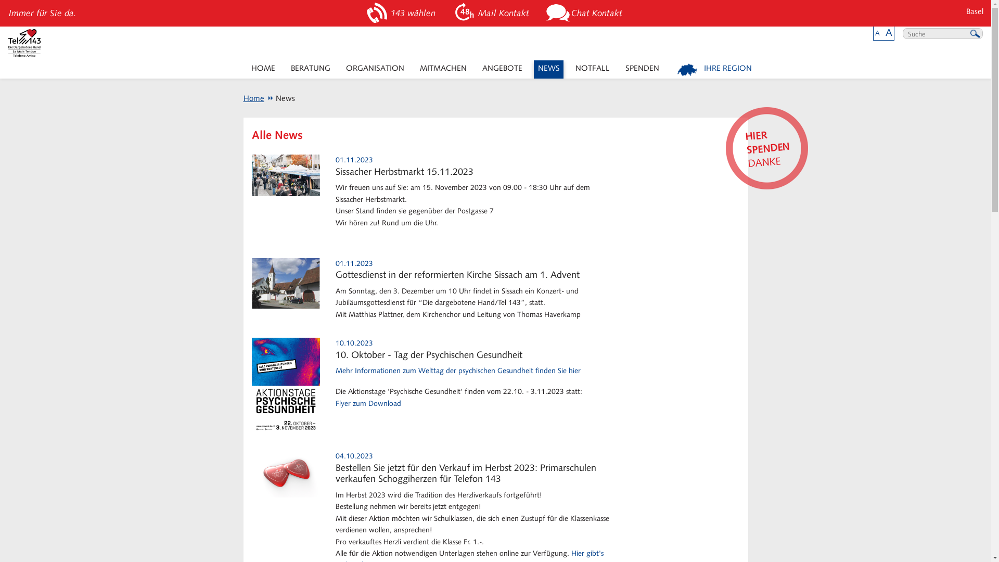 This screenshot has height=562, width=999. I want to click on 'ANGEBOTE', so click(477, 69).